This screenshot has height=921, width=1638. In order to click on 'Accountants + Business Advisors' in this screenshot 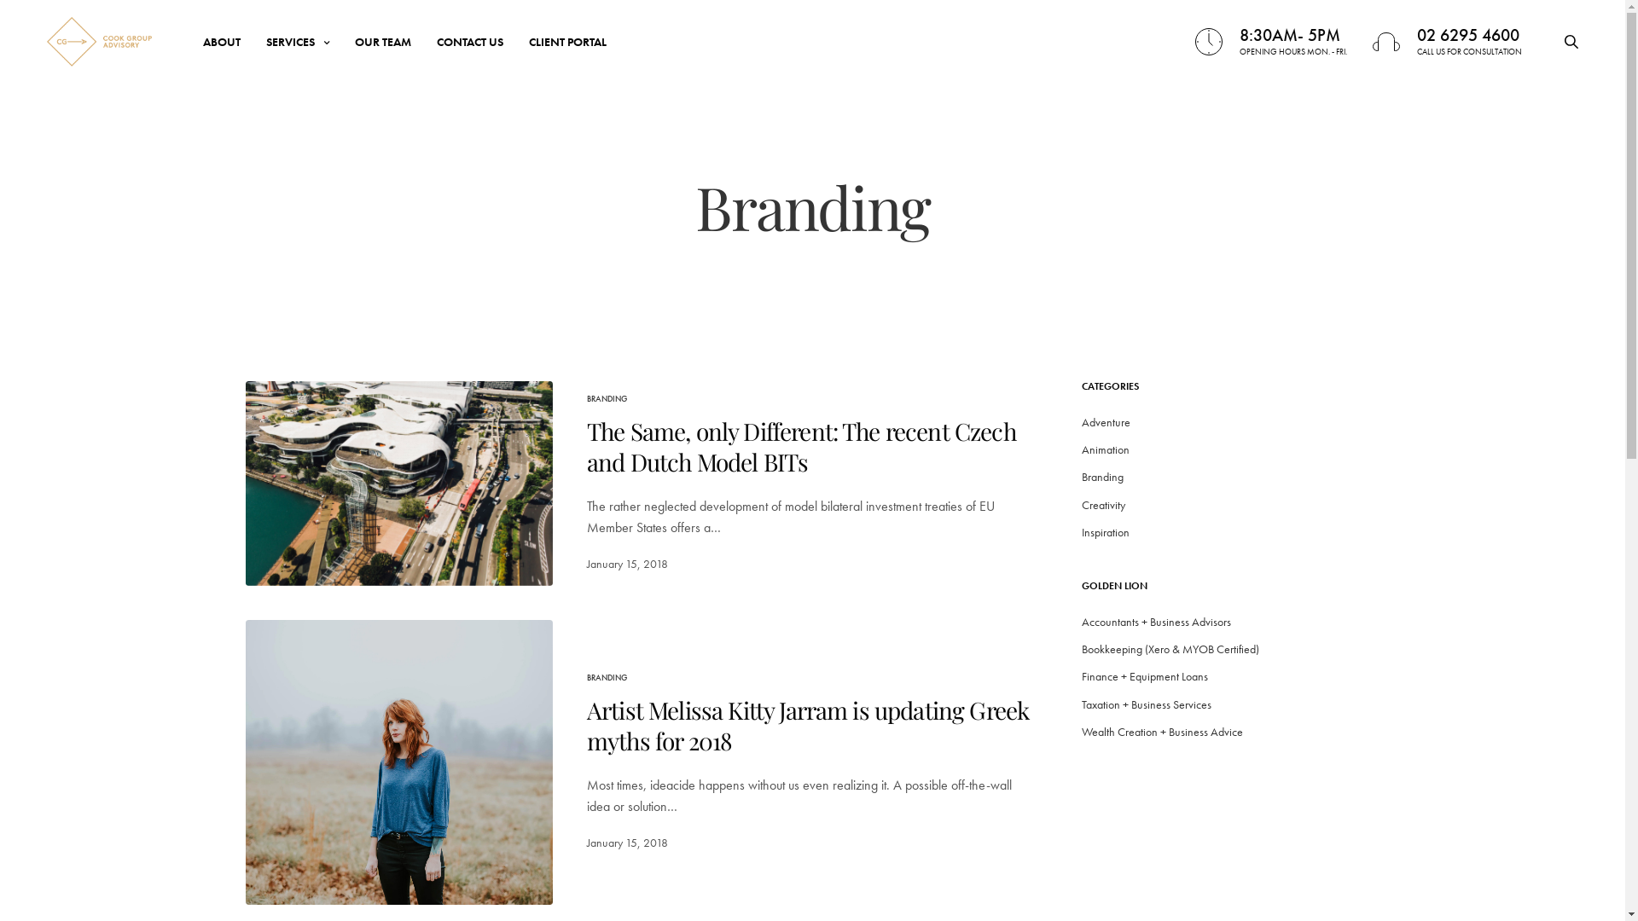, I will do `click(1156, 622)`.